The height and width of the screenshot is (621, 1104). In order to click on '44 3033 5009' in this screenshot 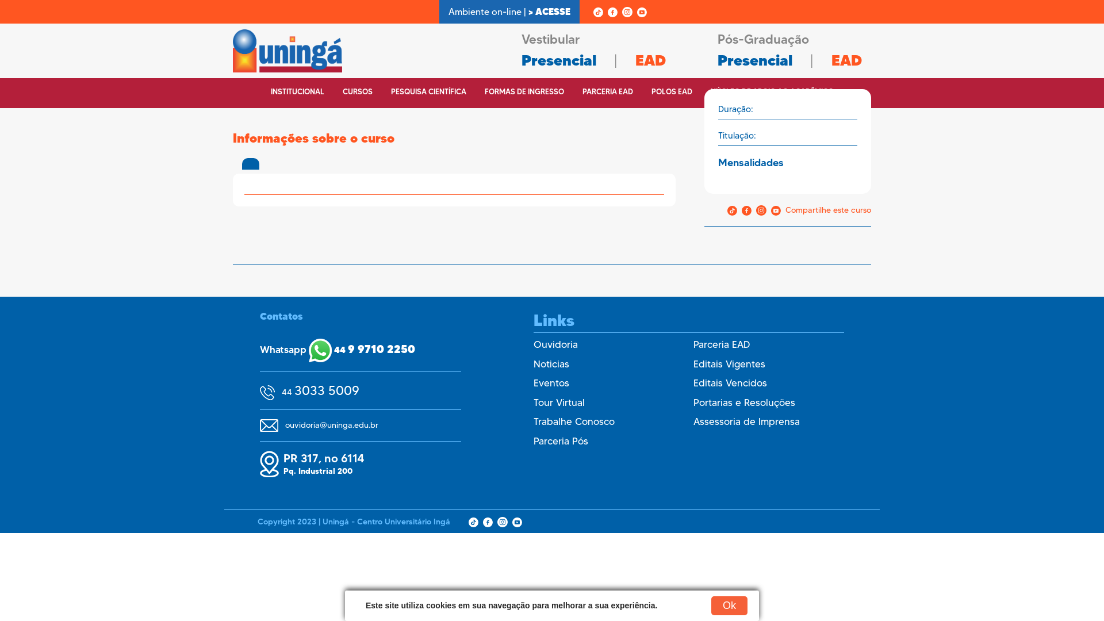, I will do `click(360, 390)`.